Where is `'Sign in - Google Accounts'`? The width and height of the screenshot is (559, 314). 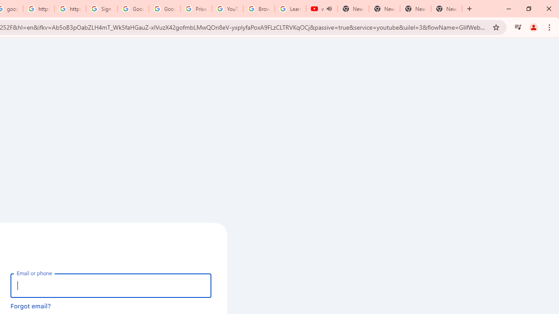
'Sign in - Google Accounts' is located at coordinates (101, 9).